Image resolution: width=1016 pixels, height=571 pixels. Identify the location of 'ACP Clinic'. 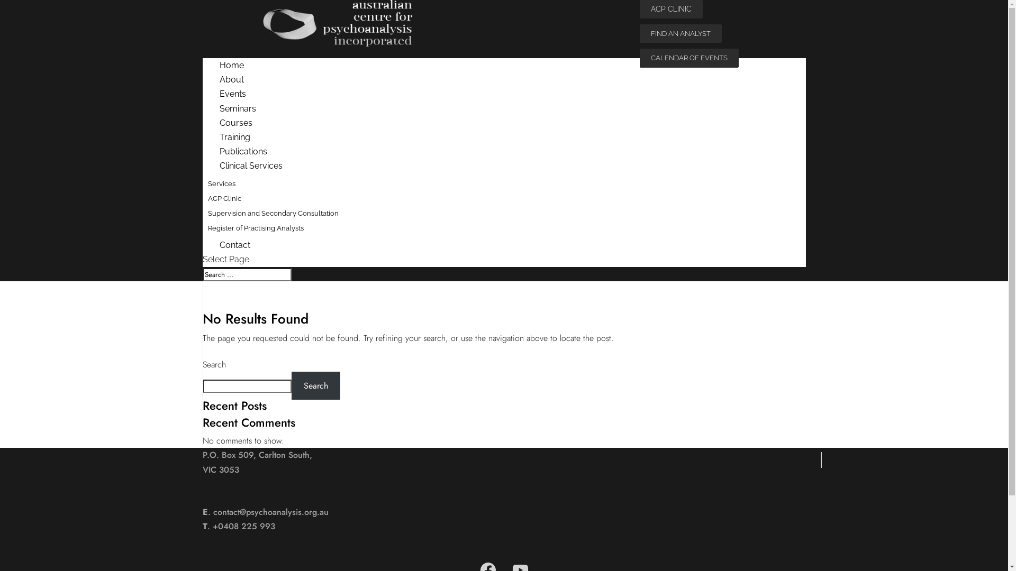
(224, 198).